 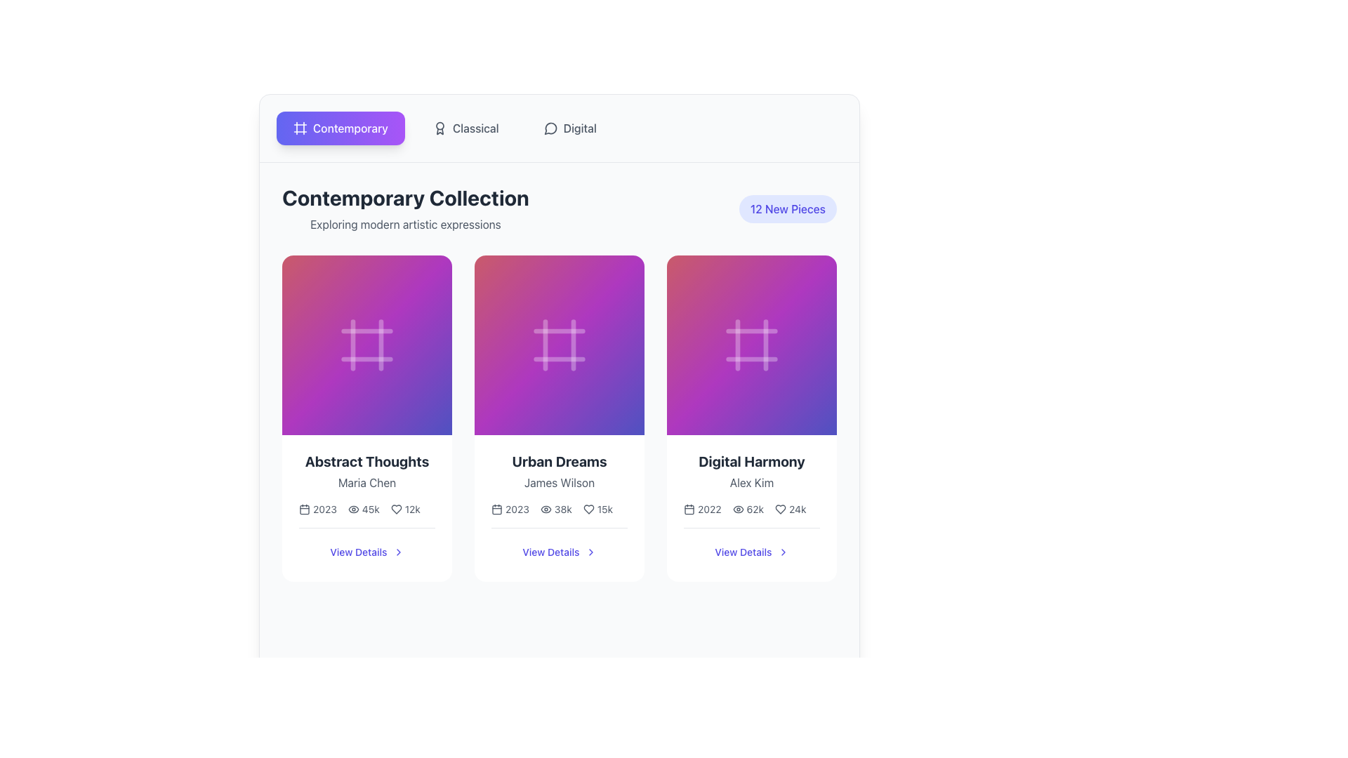 What do you see at coordinates (439, 128) in the screenshot?
I see `the award medal icon located to the left of the text 'Classical' in the navigation header` at bounding box center [439, 128].